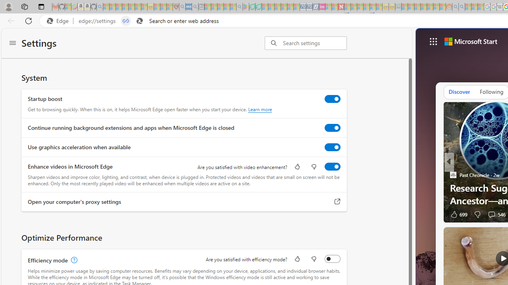  What do you see at coordinates (499, 7) in the screenshot?
I see `'Target page - Wikipedia - Sleeping'` at bounding box center [499, 7].